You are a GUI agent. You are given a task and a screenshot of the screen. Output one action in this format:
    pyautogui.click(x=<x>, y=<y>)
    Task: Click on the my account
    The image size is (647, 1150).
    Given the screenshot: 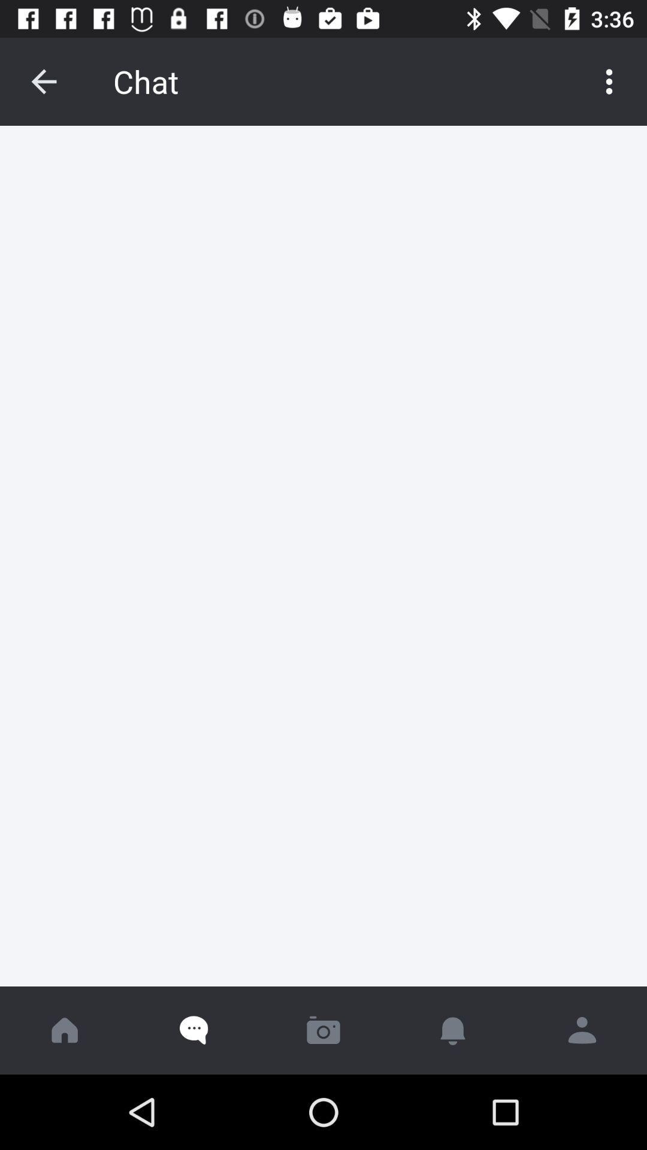 What is the action you would take?
    pyautogui.click(x=582, y=1030)
    